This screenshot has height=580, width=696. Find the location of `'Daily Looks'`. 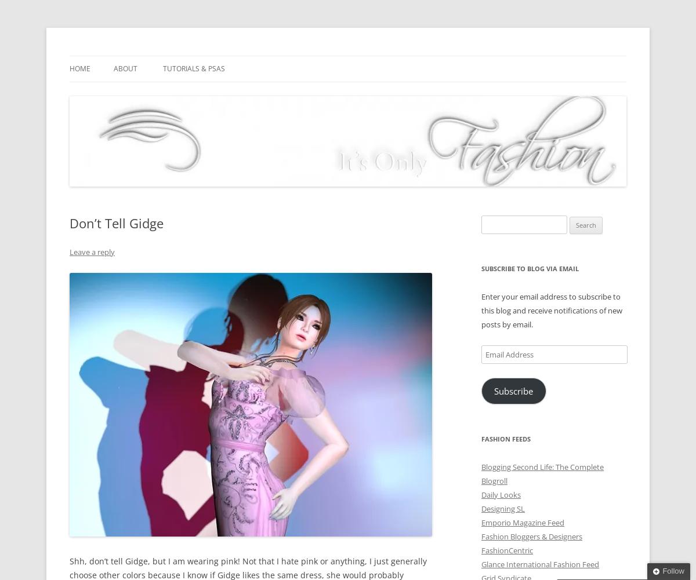

'Daily Looks' is located at coordinates (501, 493).